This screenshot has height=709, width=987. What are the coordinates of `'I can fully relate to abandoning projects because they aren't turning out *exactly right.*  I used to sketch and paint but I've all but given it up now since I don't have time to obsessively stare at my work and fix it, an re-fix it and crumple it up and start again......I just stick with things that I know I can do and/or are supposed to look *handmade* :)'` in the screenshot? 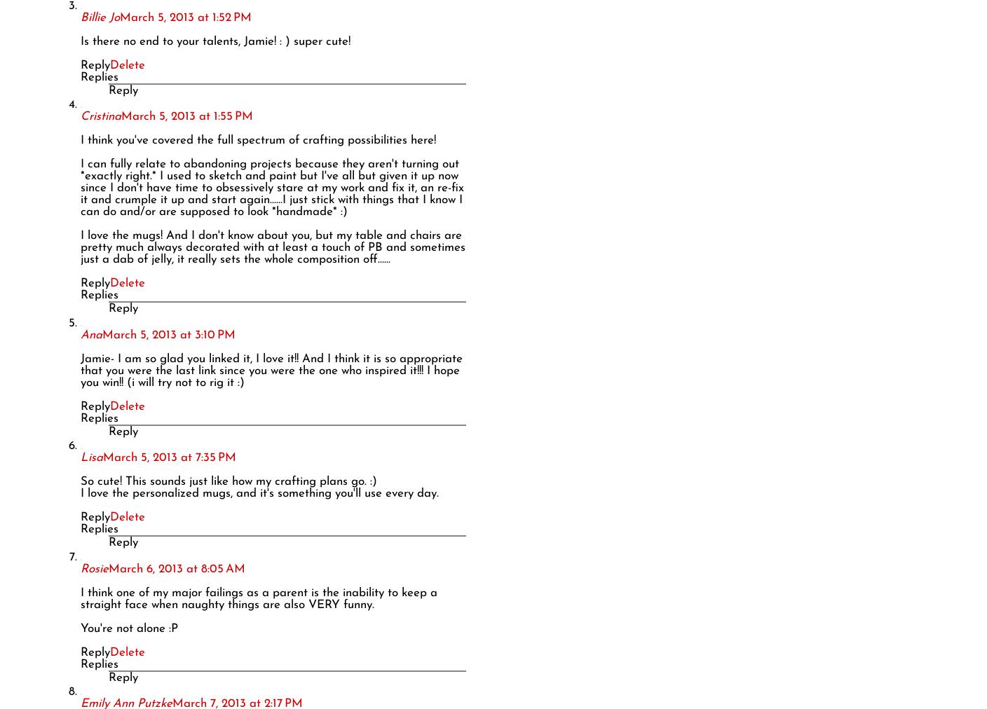 It's located at (271, 187).